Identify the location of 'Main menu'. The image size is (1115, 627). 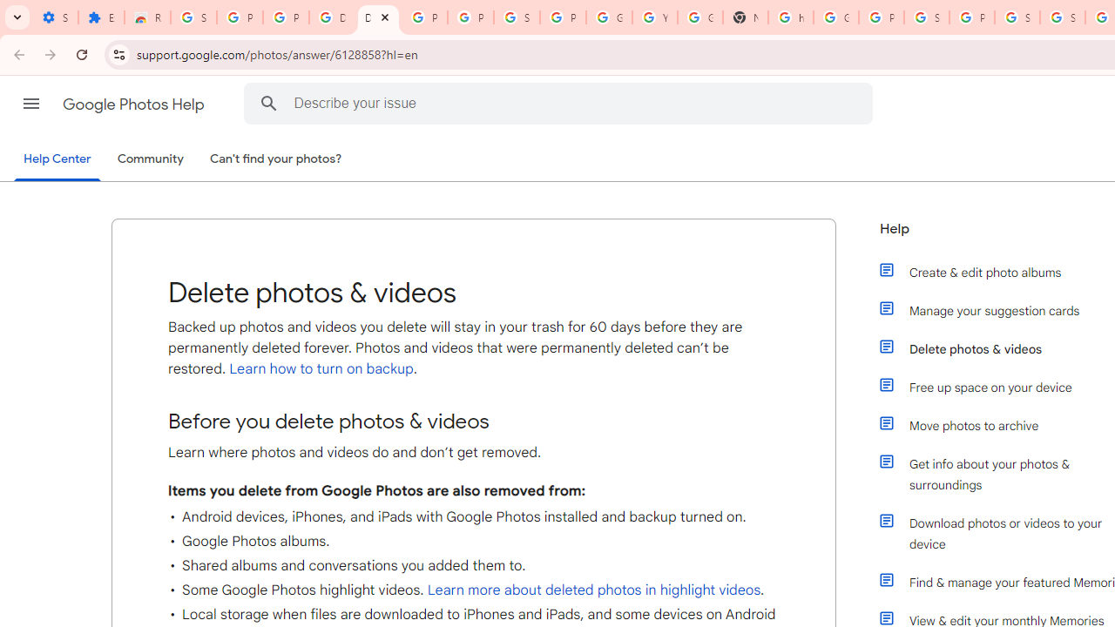
(30, 104).